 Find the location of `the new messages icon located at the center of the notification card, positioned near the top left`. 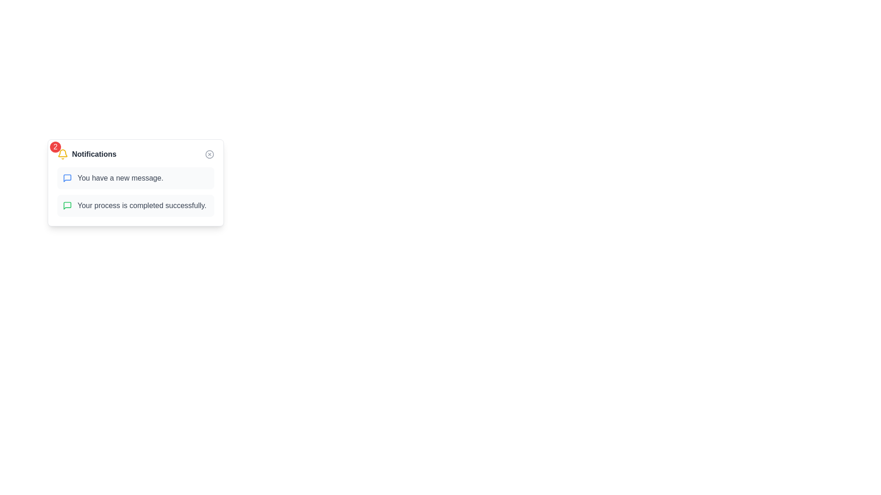

the new messages icon located at the center of the notification card, positioned near the top left is located at coordinates (67, 205).